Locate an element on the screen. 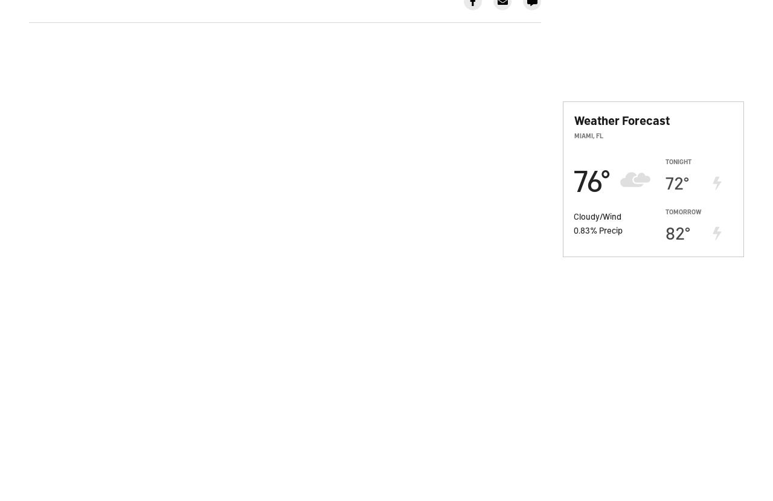 This screenshot has width=773, height=501. '0.83' is located at coordinates (582, 228).